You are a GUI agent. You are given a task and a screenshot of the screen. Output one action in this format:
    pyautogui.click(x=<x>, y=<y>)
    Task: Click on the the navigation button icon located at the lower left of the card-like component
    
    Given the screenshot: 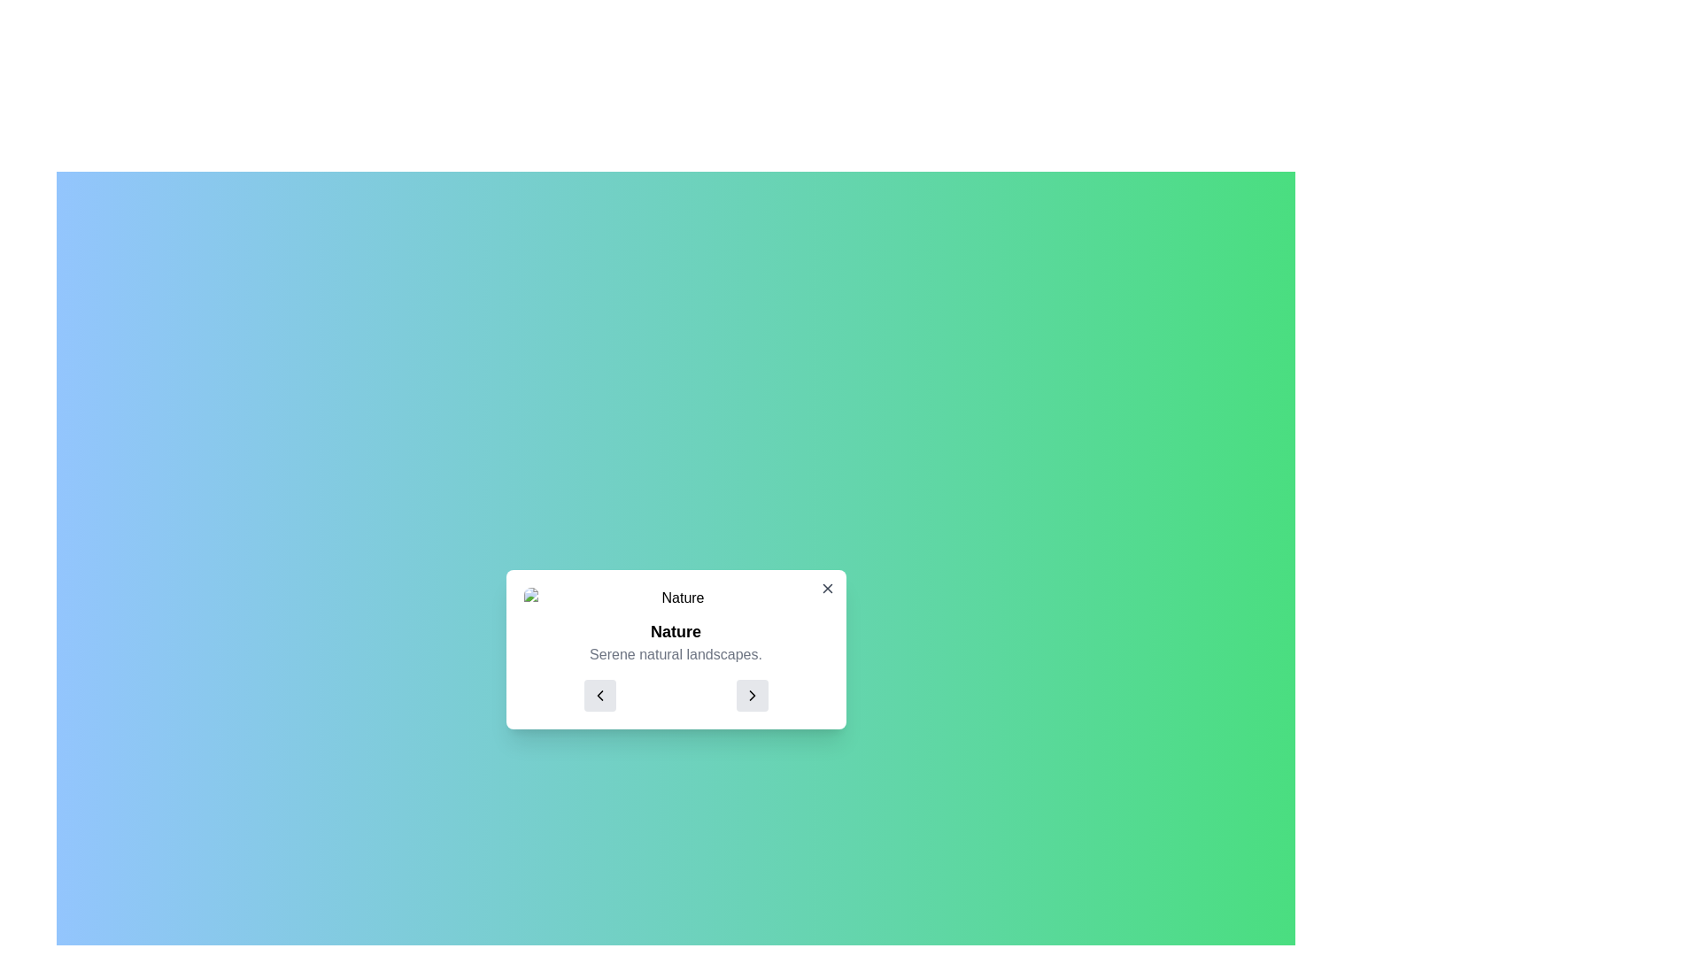 What is the action you would take?
    pyautogui.click(x=599, y=695)
    